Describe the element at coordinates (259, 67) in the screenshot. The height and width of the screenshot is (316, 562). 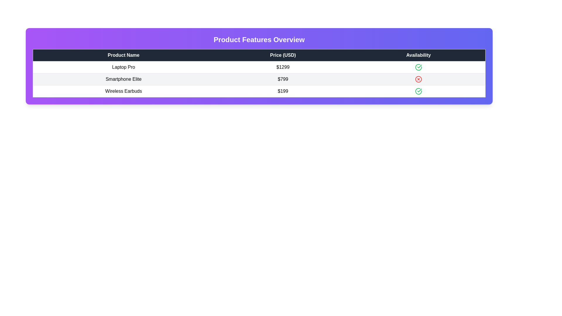
I see `the first row in the 'Product Features Overview' table that displays information about the product 'Laptop Pro'` at that location.